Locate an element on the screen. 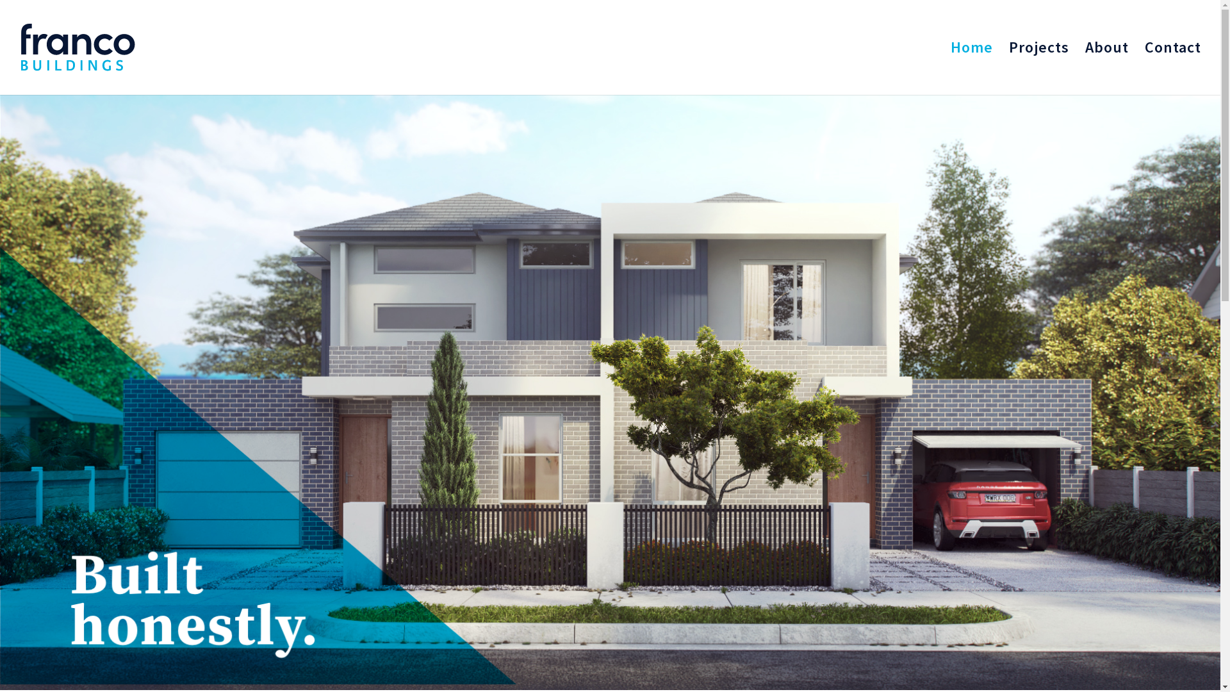 This screenshot has width=1230, height=692. 'About' is located at coordinates (1106, 69).